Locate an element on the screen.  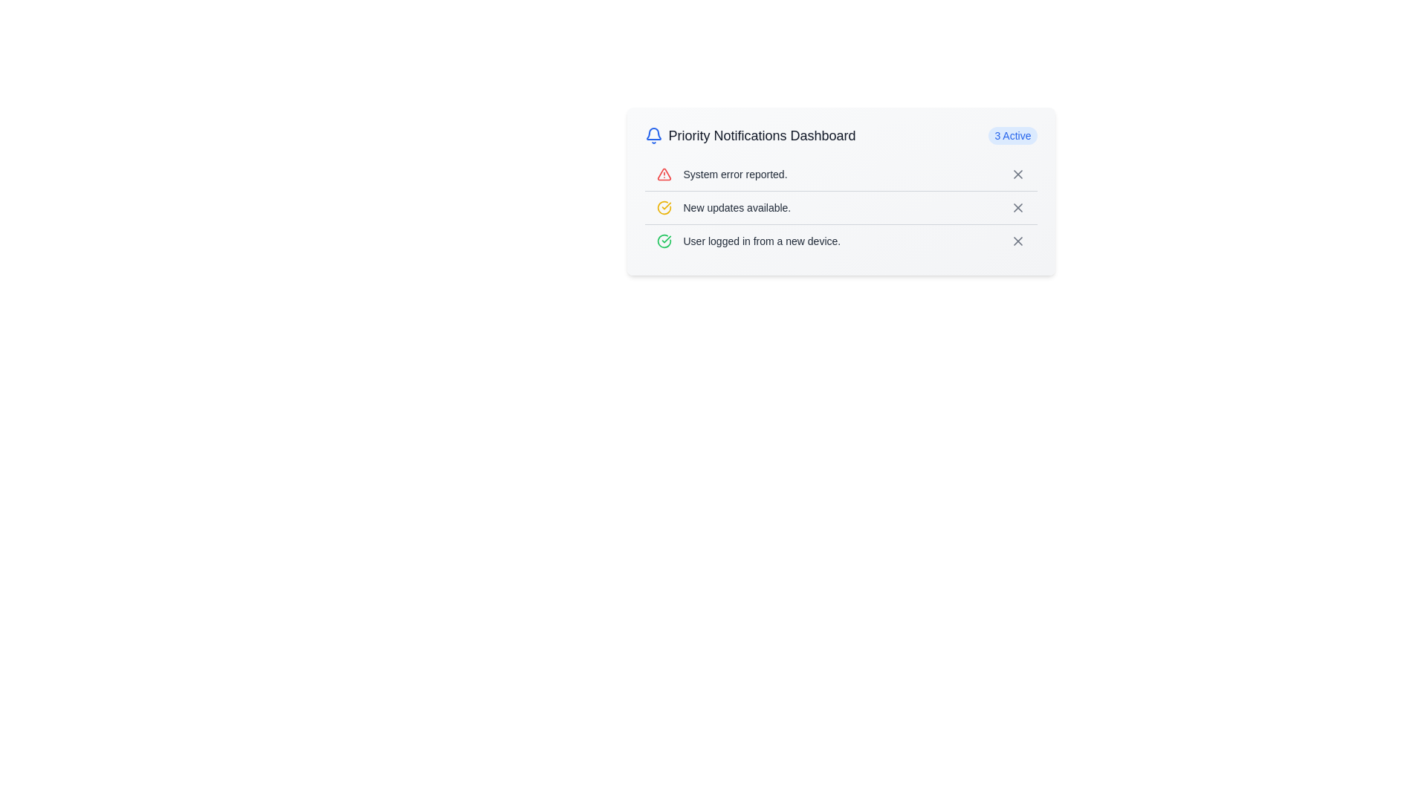
the small 'X' icon button located on the far right of the third notification row in the Priority Notifications Dashboard is located at coordinates (1017, 240).